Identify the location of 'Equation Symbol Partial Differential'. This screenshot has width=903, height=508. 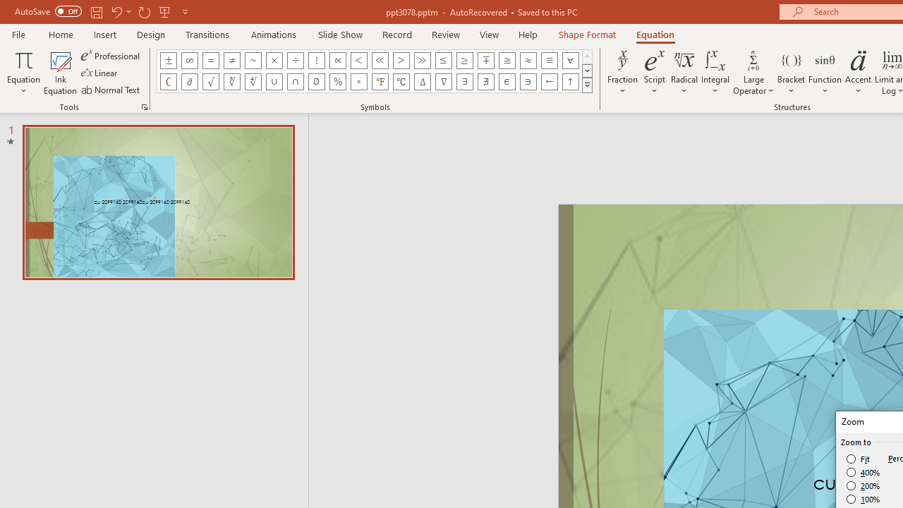
(188, 81).